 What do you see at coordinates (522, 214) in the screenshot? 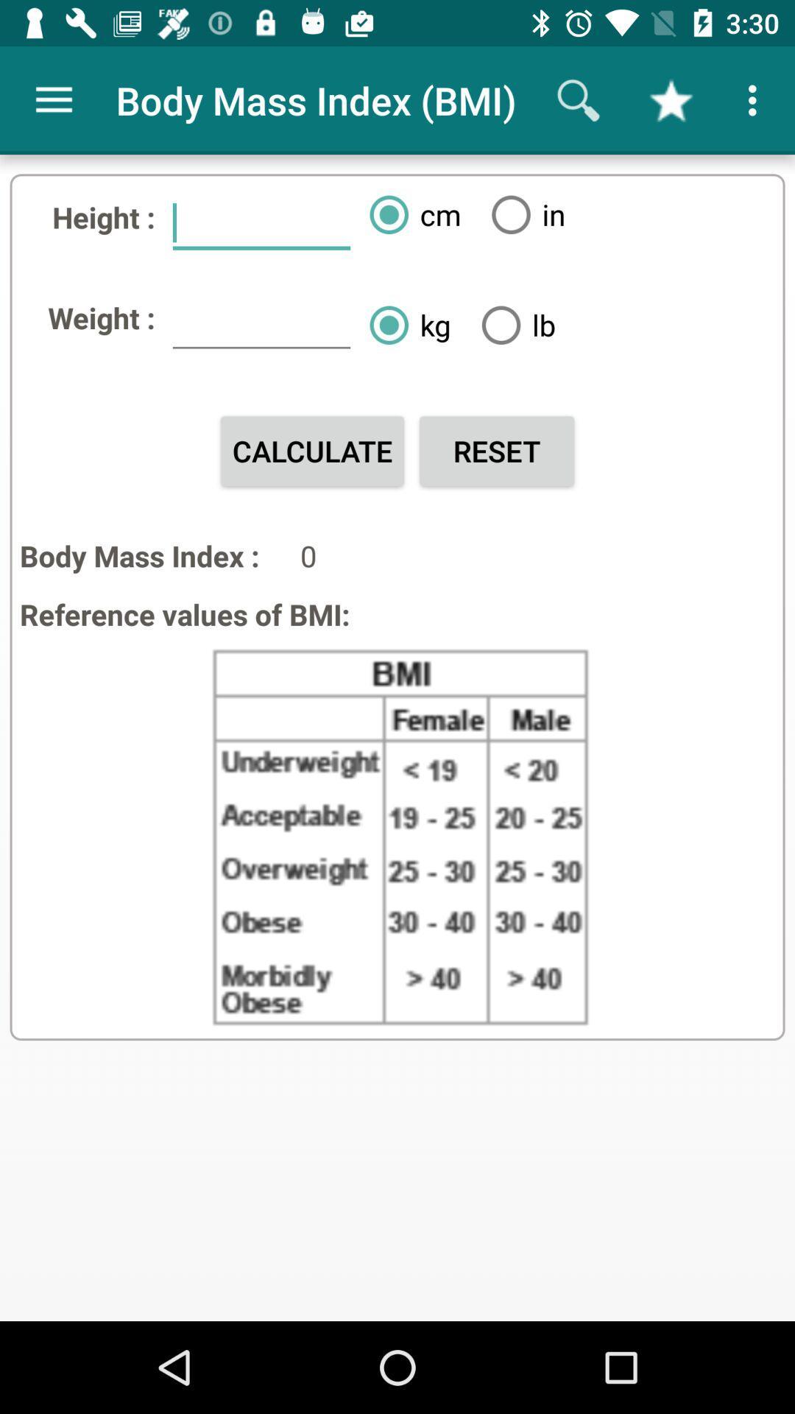
I see `item next to the cm icon` at bounding box center [522, 214].